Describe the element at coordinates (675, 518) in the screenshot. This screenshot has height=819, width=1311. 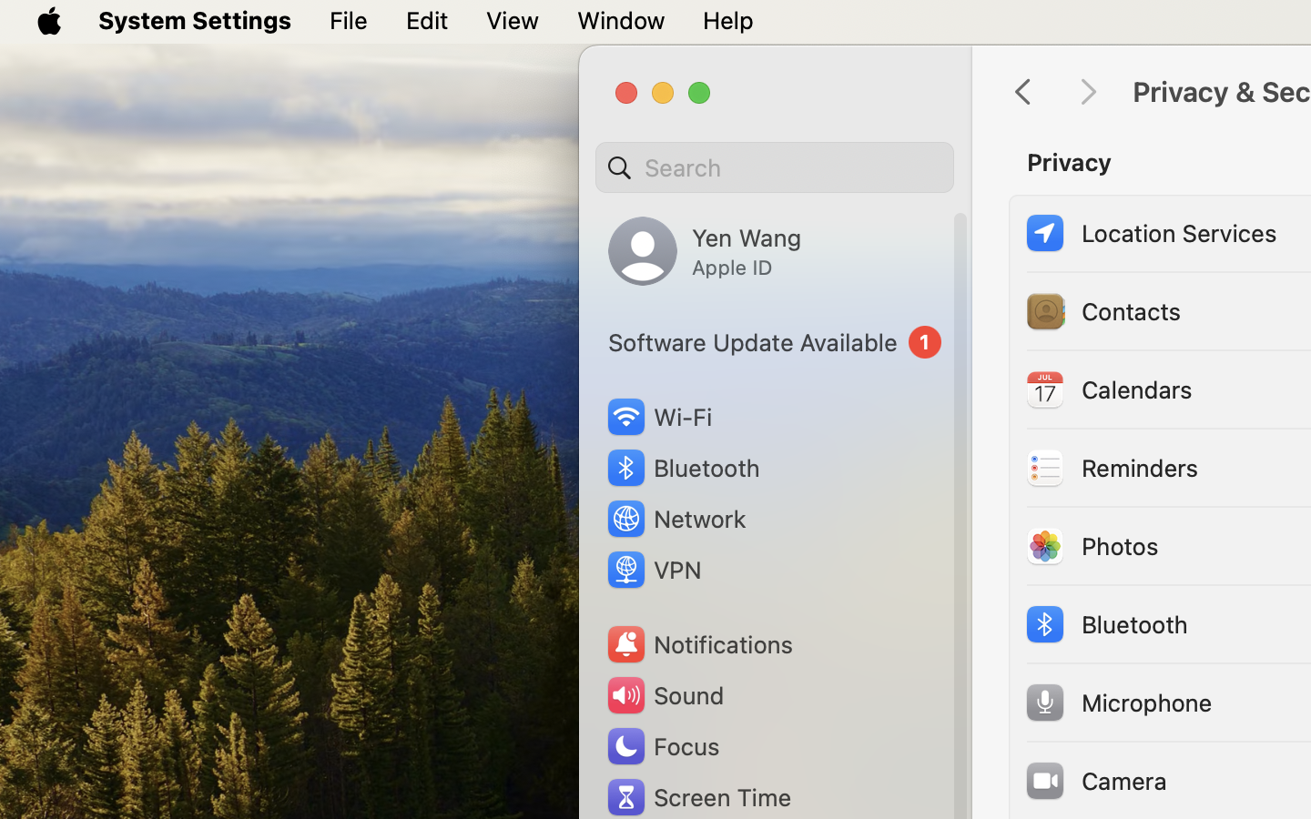
I see `'Network'` at that location.